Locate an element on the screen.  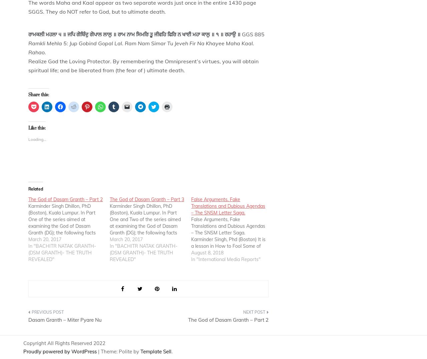
'|' is located at coordinates (98, 351).